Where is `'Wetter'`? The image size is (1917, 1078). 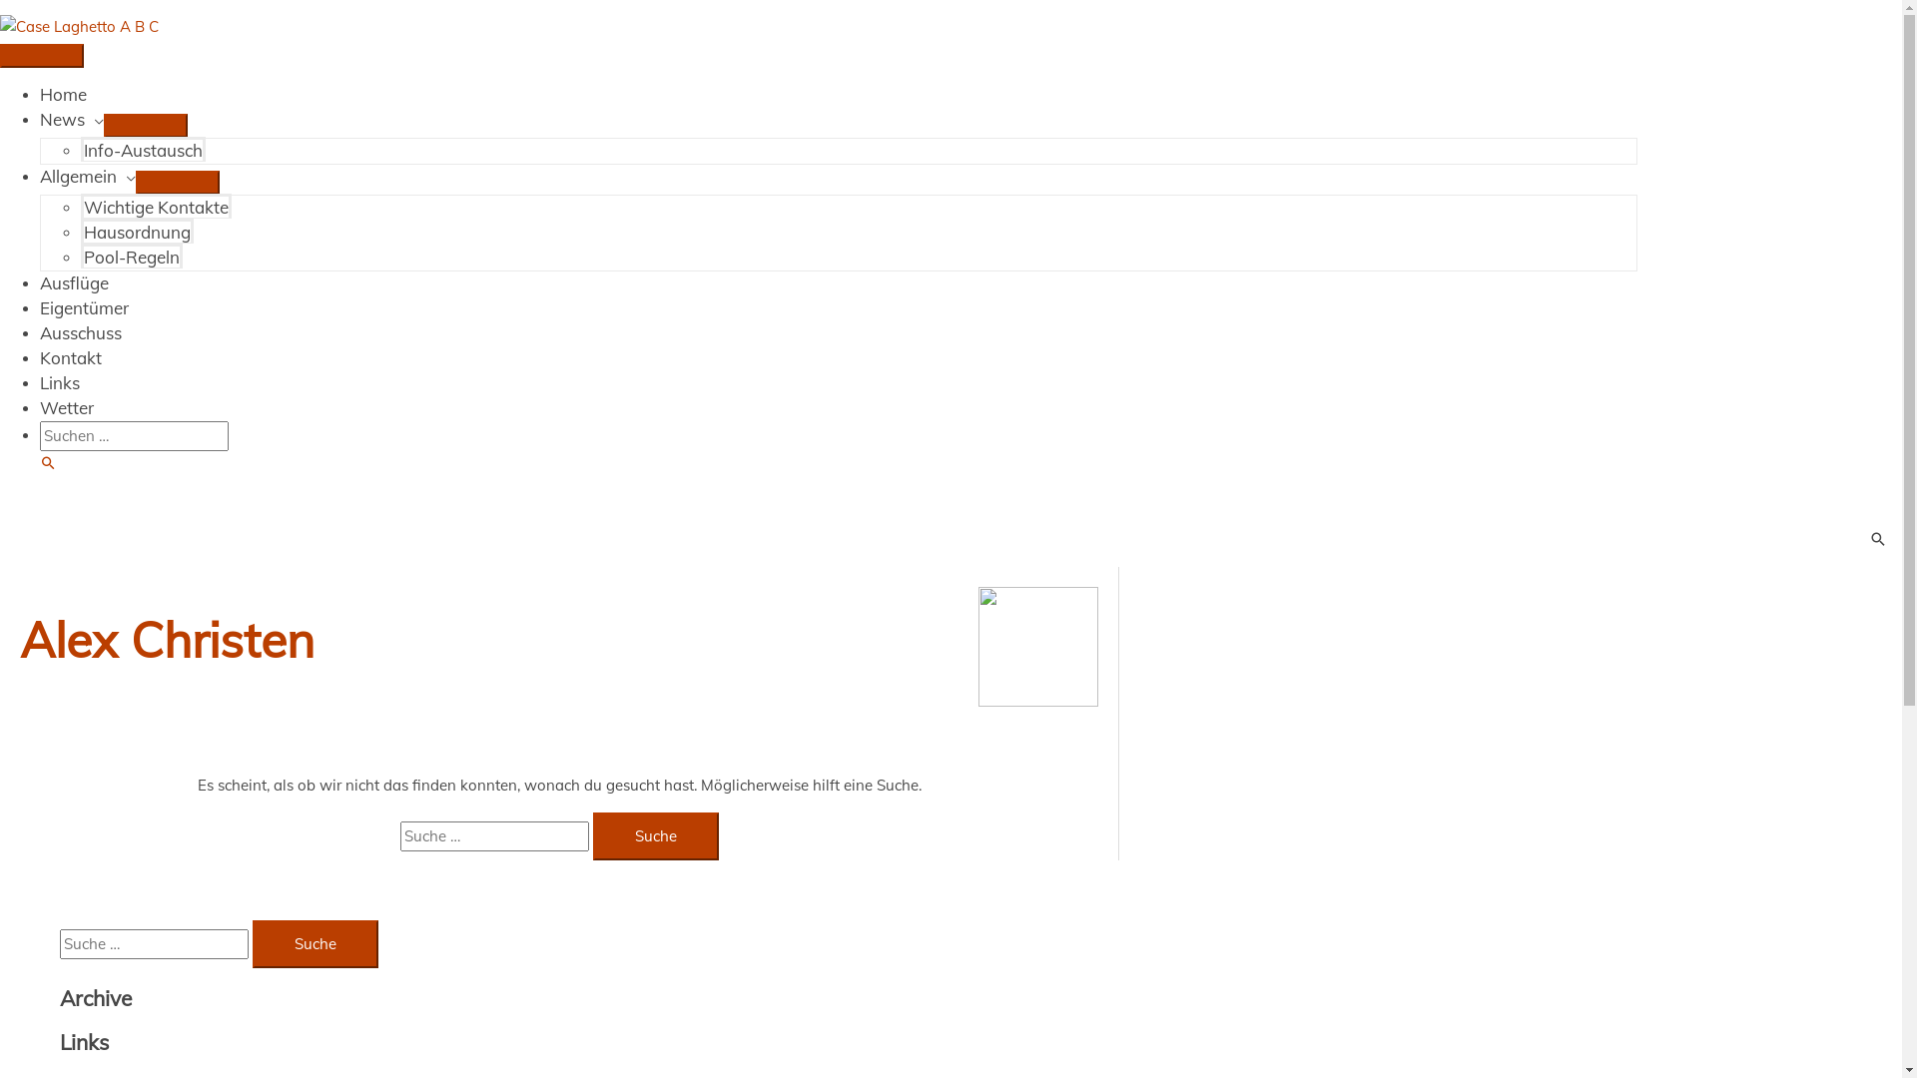
'Wetter' is located at coordinates (67, 406).